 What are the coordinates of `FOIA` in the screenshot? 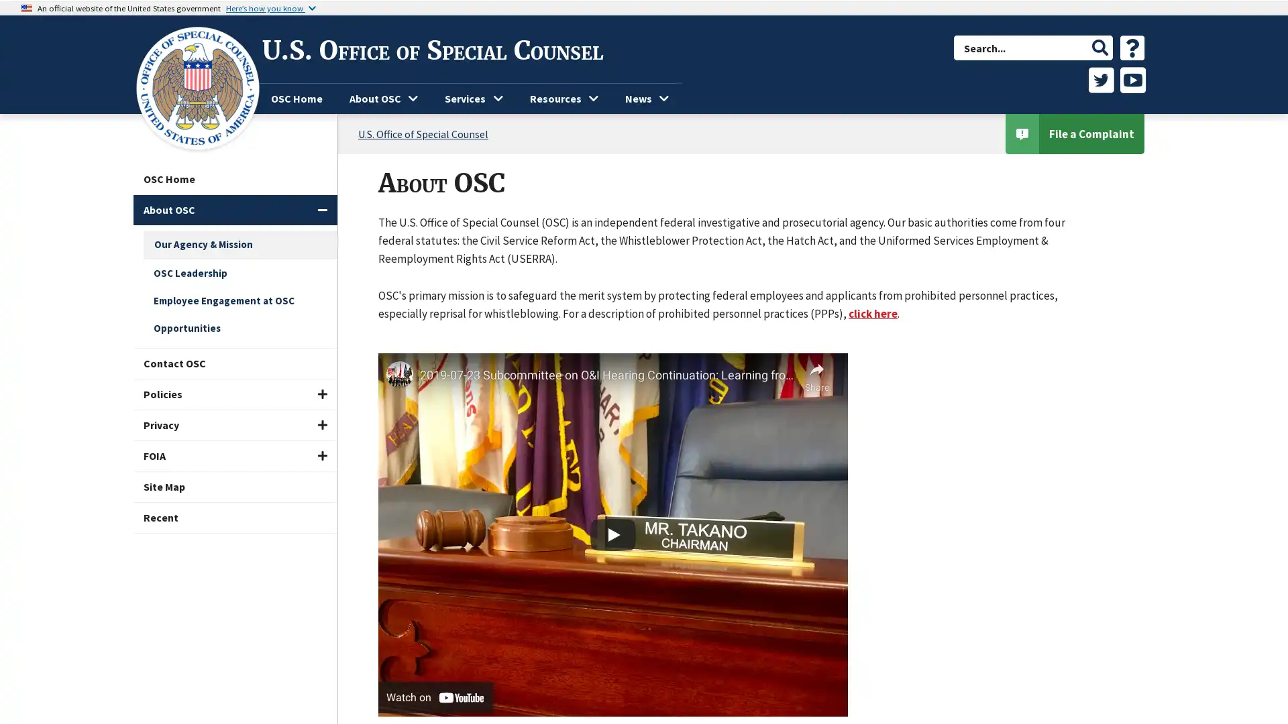 It's located at (235, 455).